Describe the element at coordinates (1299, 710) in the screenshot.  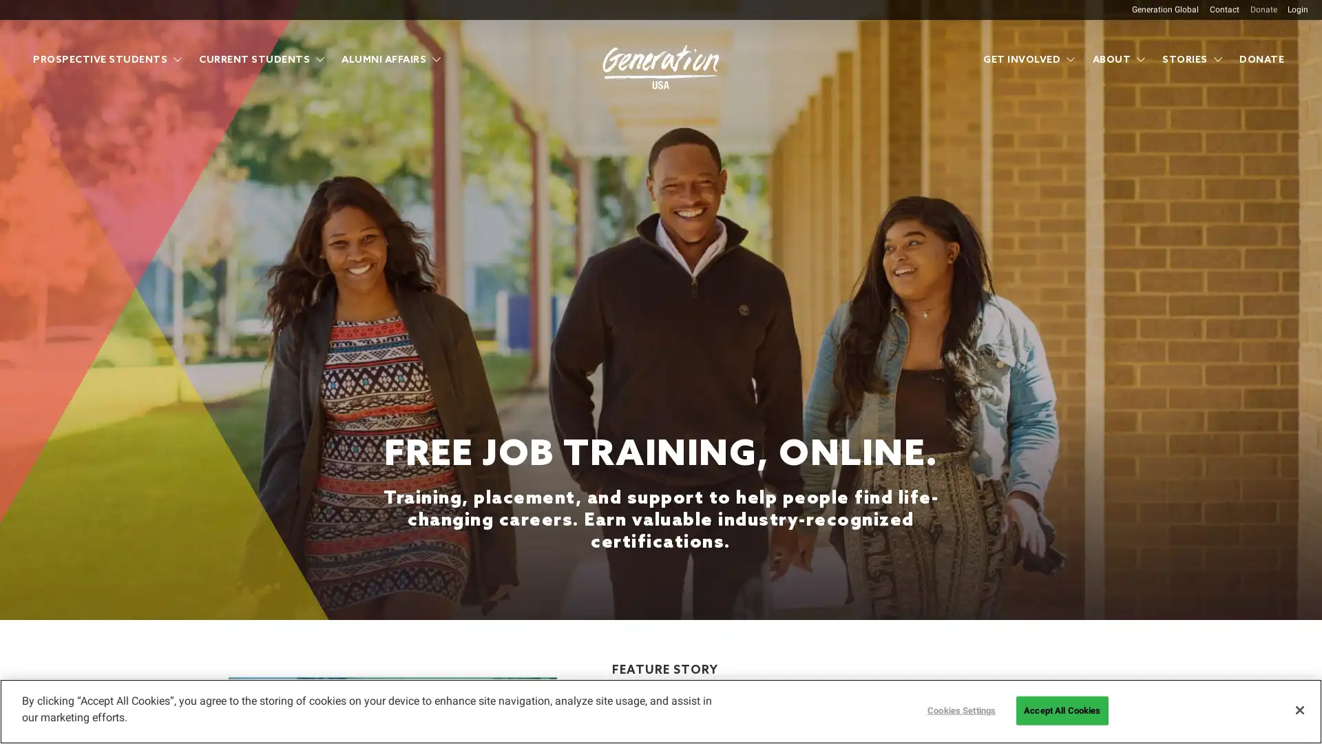
I see `Close` at that location.